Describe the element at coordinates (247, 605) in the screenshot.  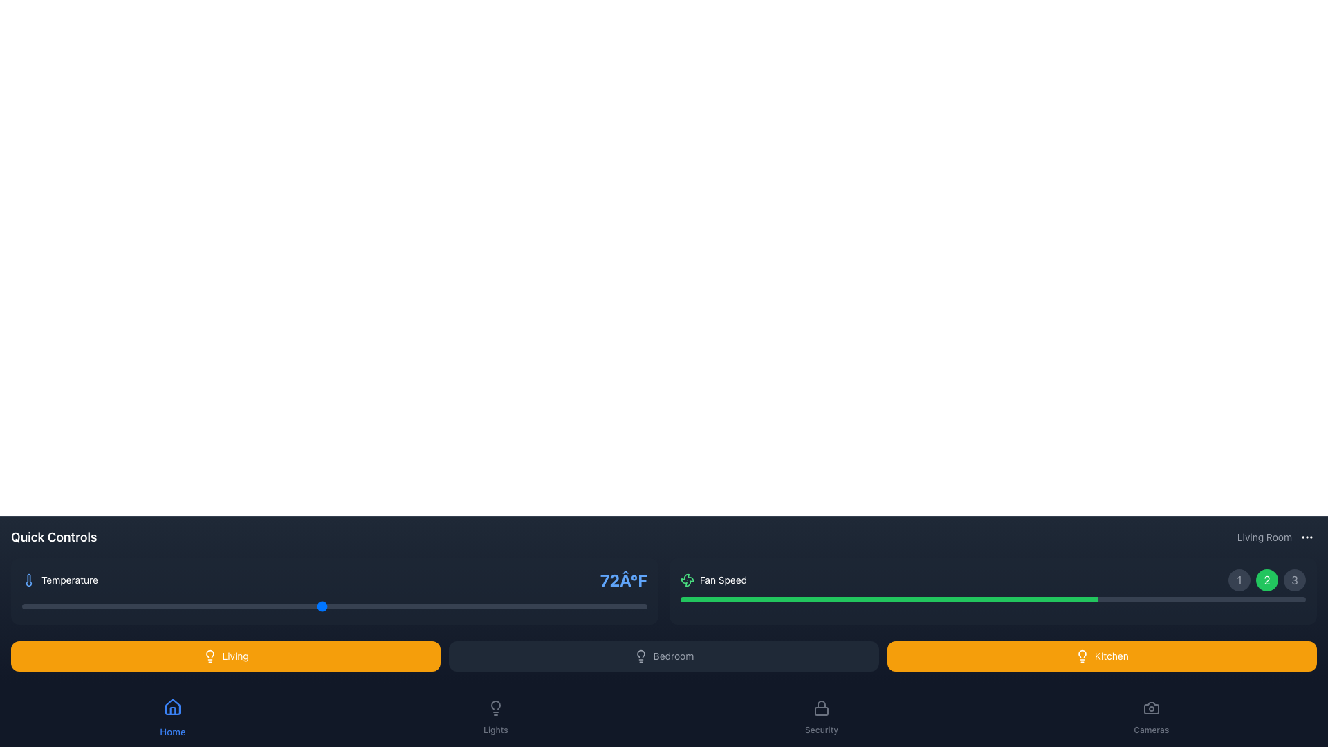
I see `the temperature` at that location.